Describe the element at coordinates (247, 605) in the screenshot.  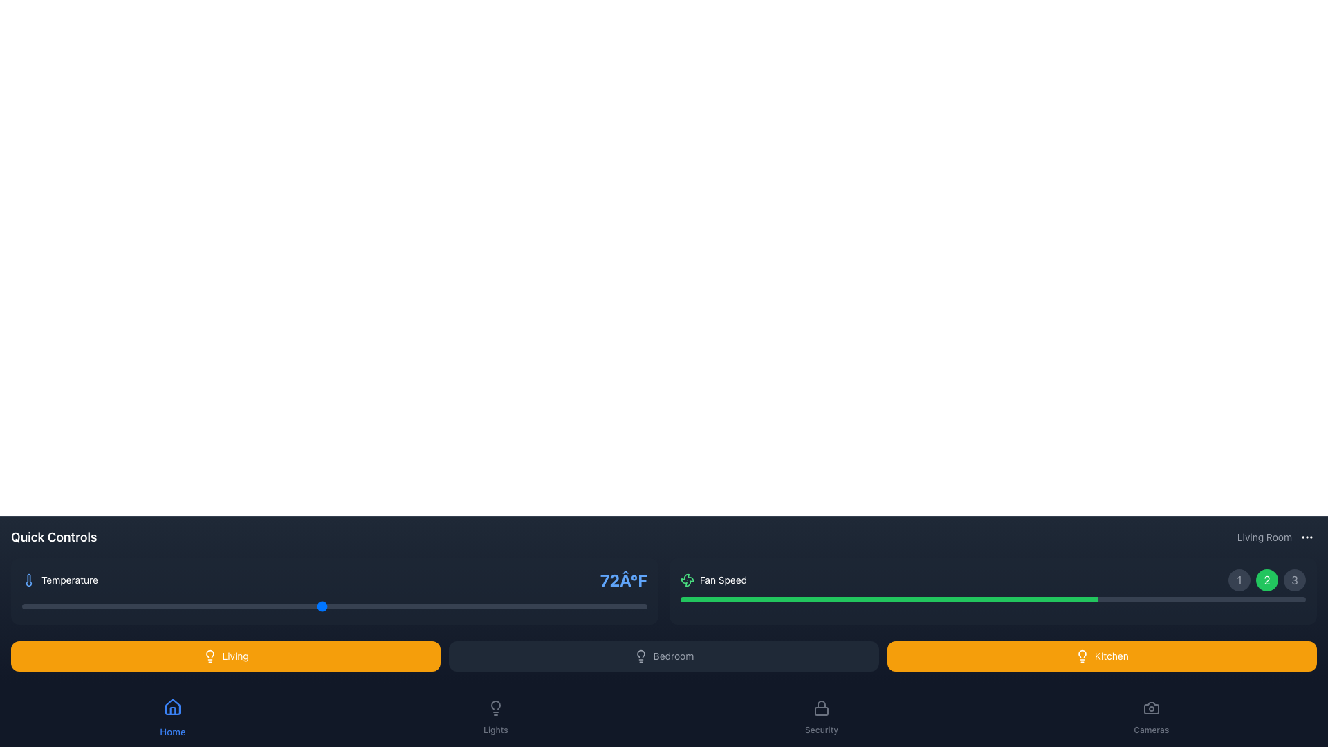
I see `the temperature` at that location.